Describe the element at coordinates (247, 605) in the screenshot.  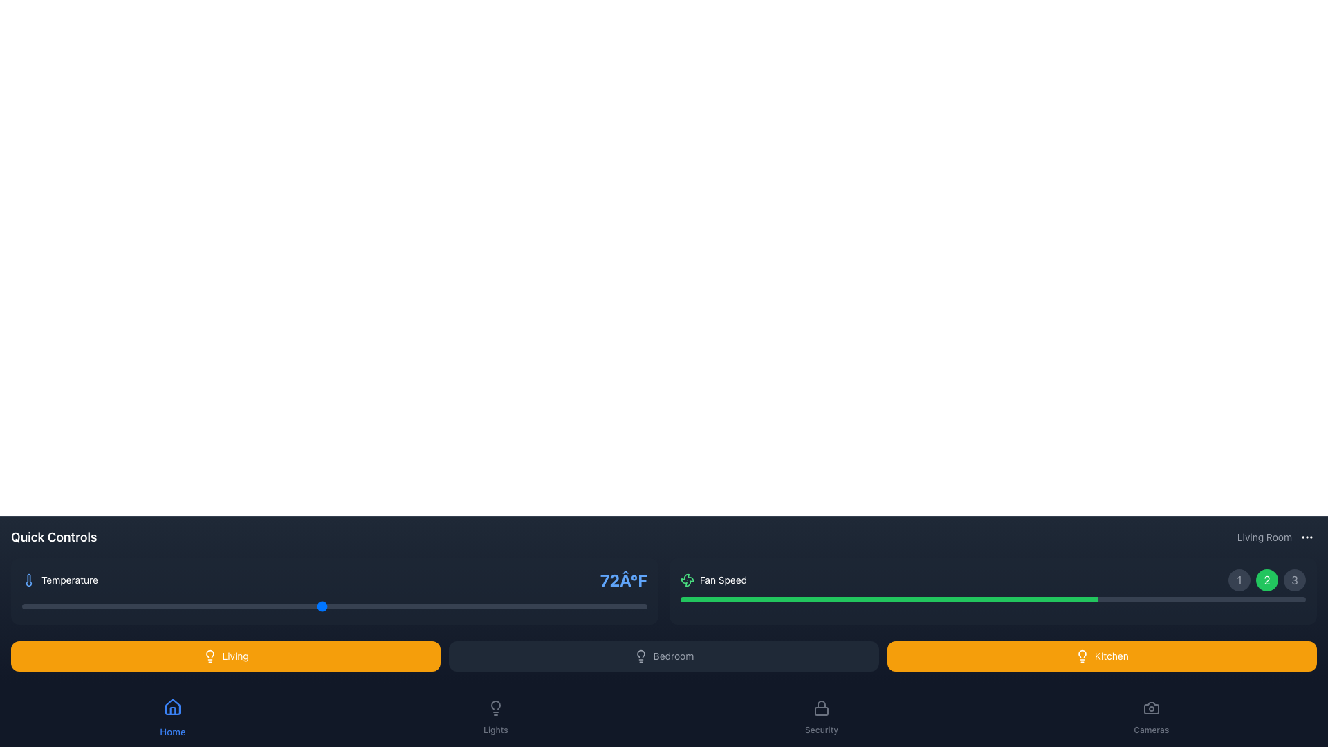
I see `the temperature` at that location.